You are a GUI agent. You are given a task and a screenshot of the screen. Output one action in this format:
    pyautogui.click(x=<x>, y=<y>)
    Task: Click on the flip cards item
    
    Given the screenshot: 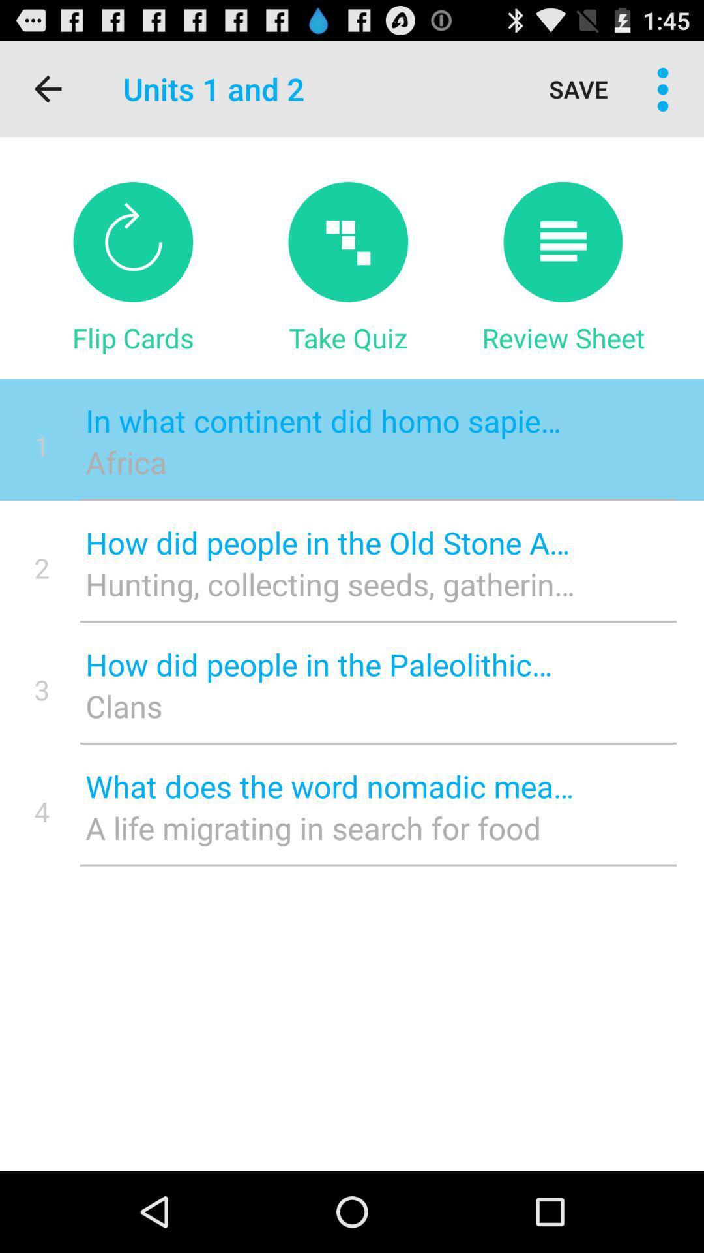 What is the action you would take?
    pyautogui.click(x=133, y=337)
    